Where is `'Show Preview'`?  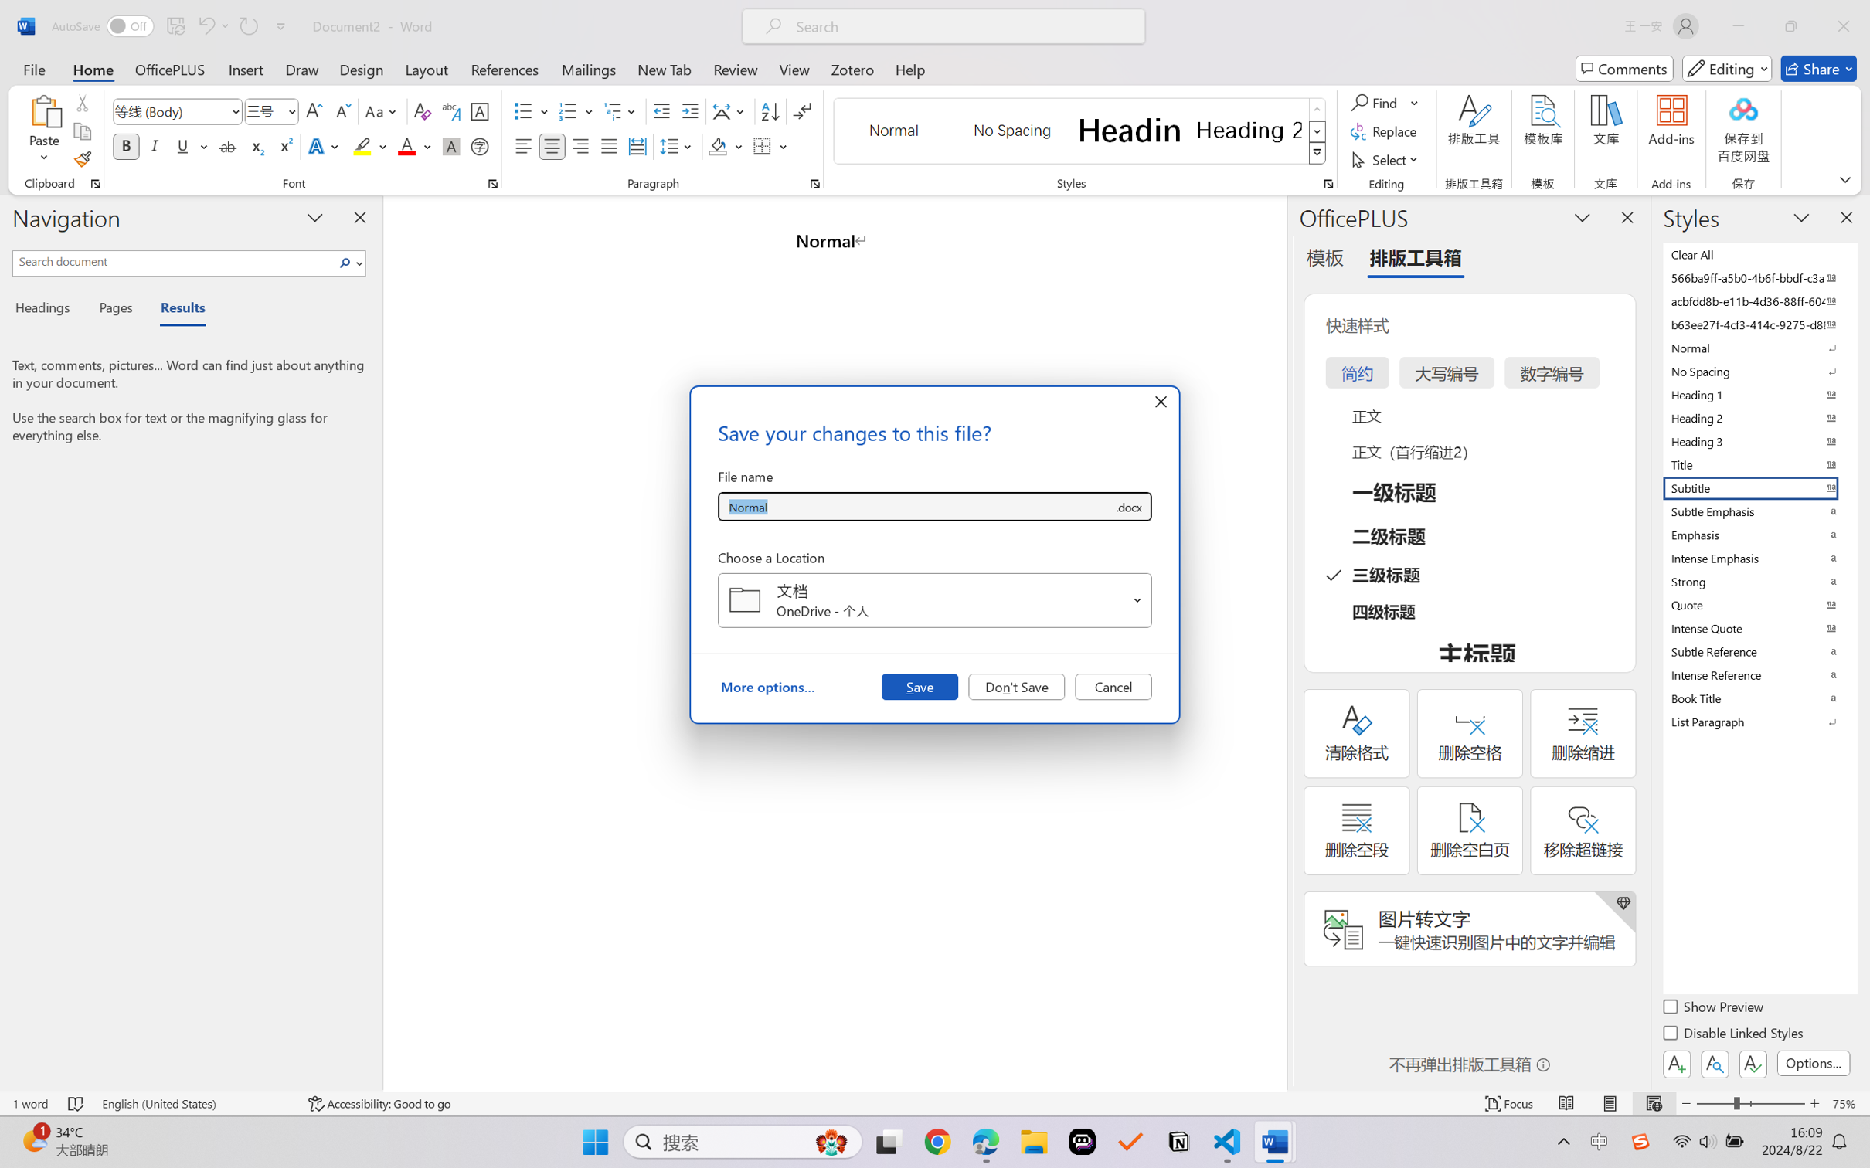
'Show Preview' is located at coordinates (1714, 1008).